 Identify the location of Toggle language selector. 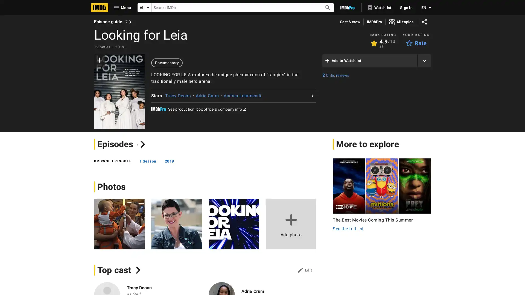
(425, 7).